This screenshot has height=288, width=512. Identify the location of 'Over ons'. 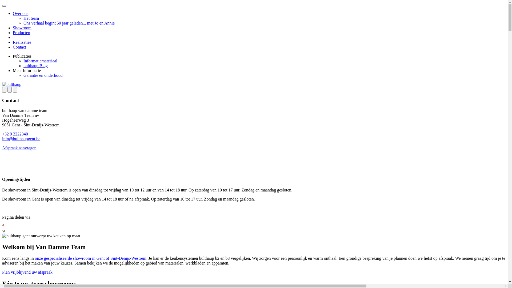
(20, 13).